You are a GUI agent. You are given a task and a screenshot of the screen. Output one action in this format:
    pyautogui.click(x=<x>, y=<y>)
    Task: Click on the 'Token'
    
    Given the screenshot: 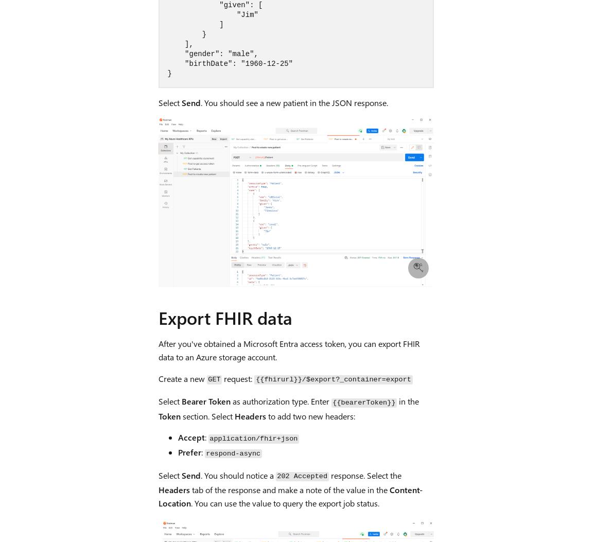 What is the action you would take?
    pyautogui.click(x=169, y=415)
    